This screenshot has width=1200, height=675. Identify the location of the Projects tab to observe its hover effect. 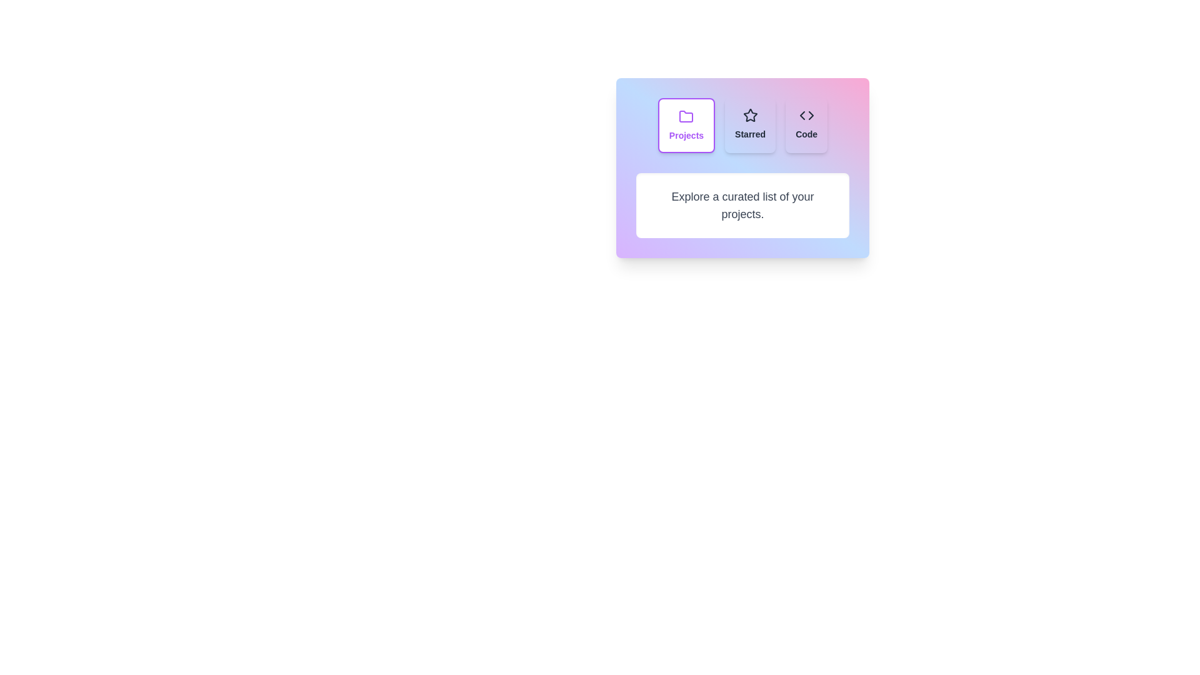
(686, 125).